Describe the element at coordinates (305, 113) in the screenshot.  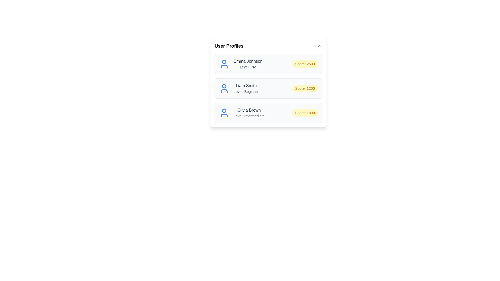
I see `the score badge displaying Olivia Brown's score, located to the right of the text 'Level: Intermediate'` at that location.